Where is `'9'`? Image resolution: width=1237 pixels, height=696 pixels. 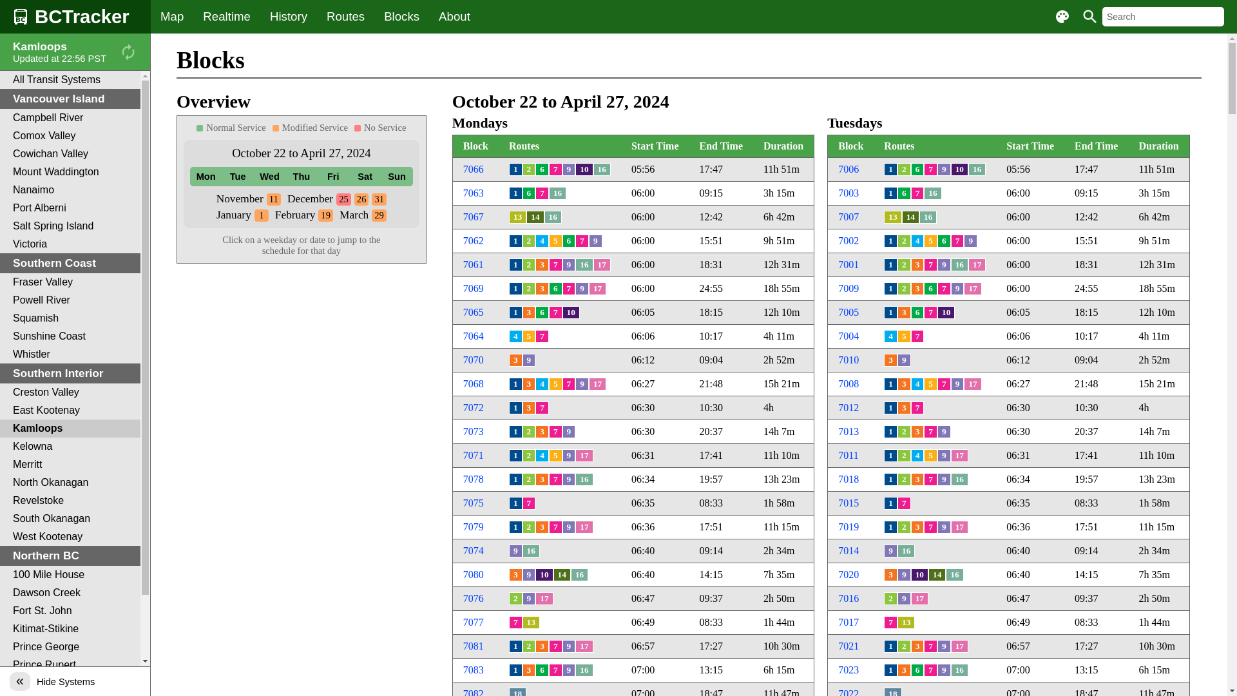
'9' is located at coordinates (568, 168).